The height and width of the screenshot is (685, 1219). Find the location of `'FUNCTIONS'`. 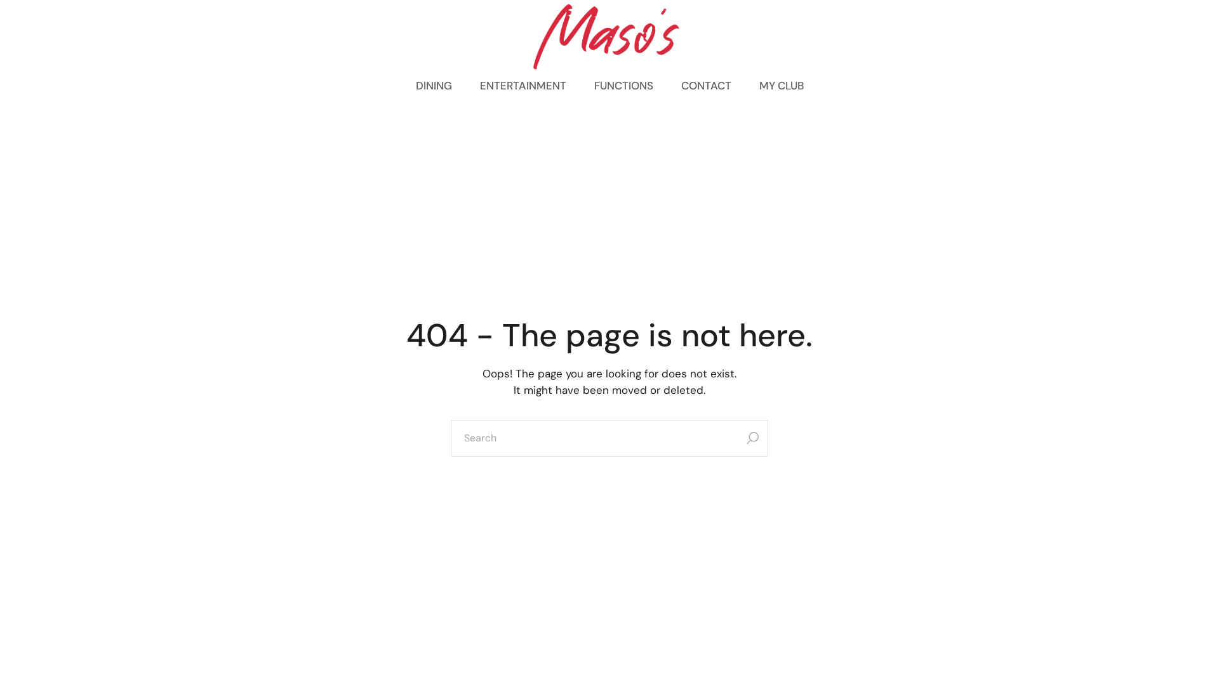

'FUNCTIONS' is located at coordinates (623, 86).